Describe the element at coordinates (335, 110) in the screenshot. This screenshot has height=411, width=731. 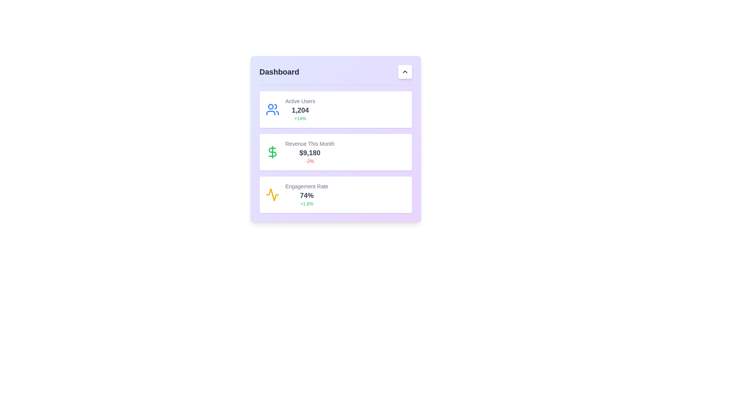
I see `displayed information on the Information card, which shows active user statistics including total count and percentage increase. This card is located at the top-left corner of the grid layout in the dashboard interface` at that location.